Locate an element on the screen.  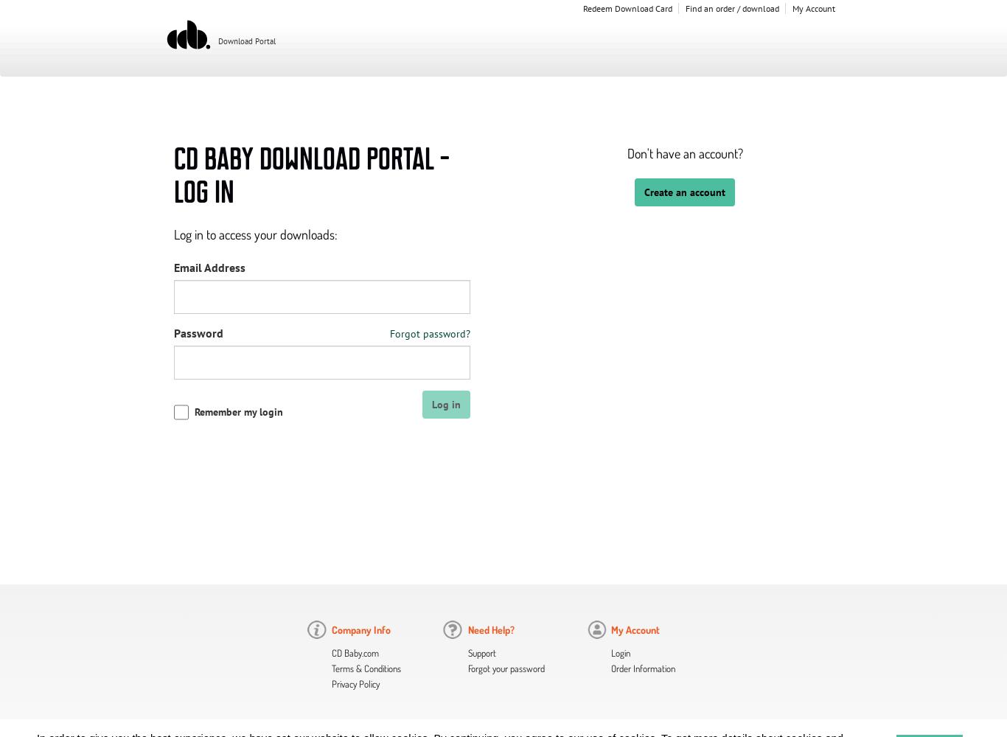
'CD Baby Download Portal - Log In' is located at coordinates (310, 175).